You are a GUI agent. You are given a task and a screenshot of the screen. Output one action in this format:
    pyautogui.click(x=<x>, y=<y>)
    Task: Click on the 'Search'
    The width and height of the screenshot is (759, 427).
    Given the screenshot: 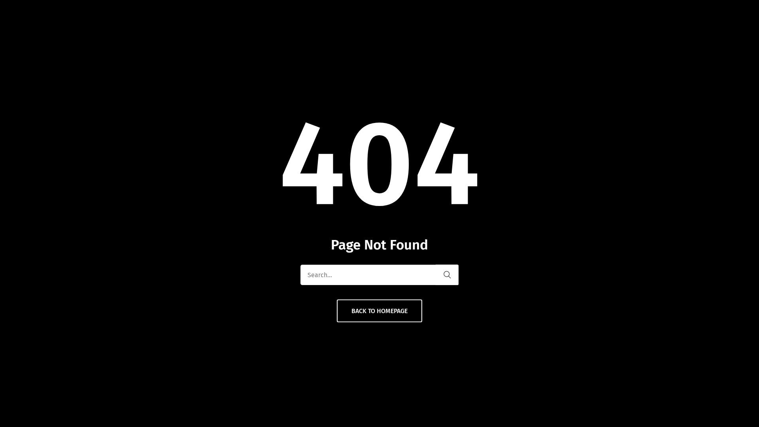 What is the action you would take?
    pyautogui.click(x=447, y=274)
    